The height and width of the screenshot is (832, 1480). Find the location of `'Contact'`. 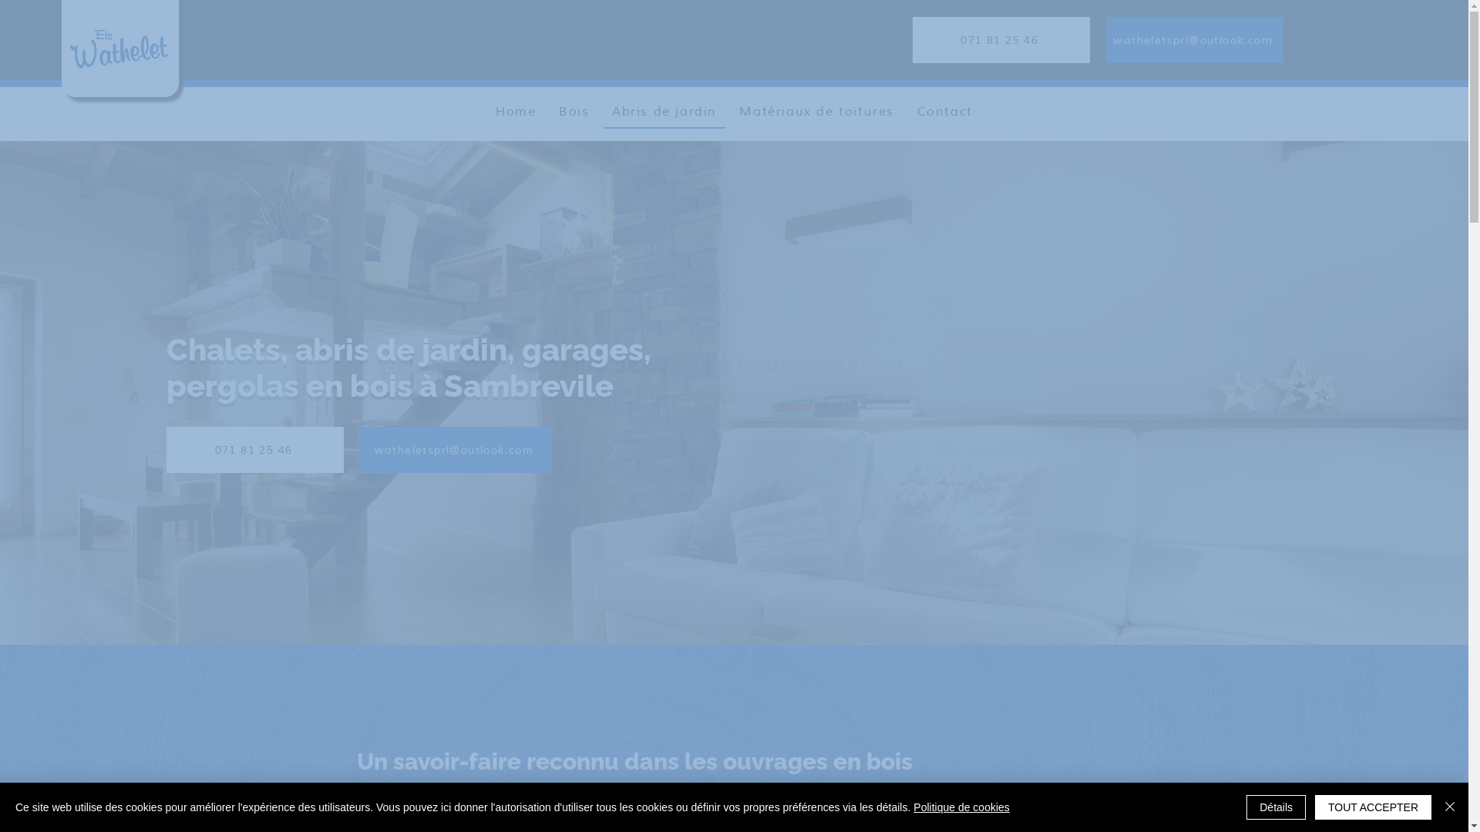

'Contact' is located at coordinates (943, 112).